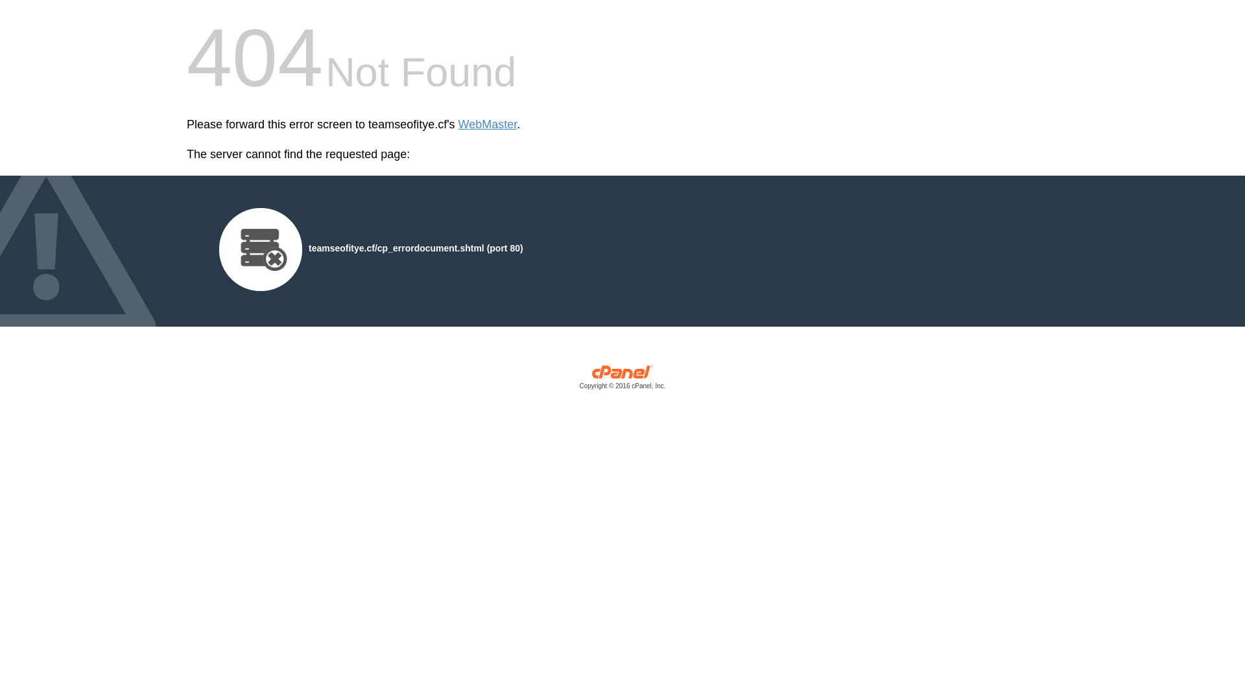  I want to click on 'WebMaster', so click(487, 124).